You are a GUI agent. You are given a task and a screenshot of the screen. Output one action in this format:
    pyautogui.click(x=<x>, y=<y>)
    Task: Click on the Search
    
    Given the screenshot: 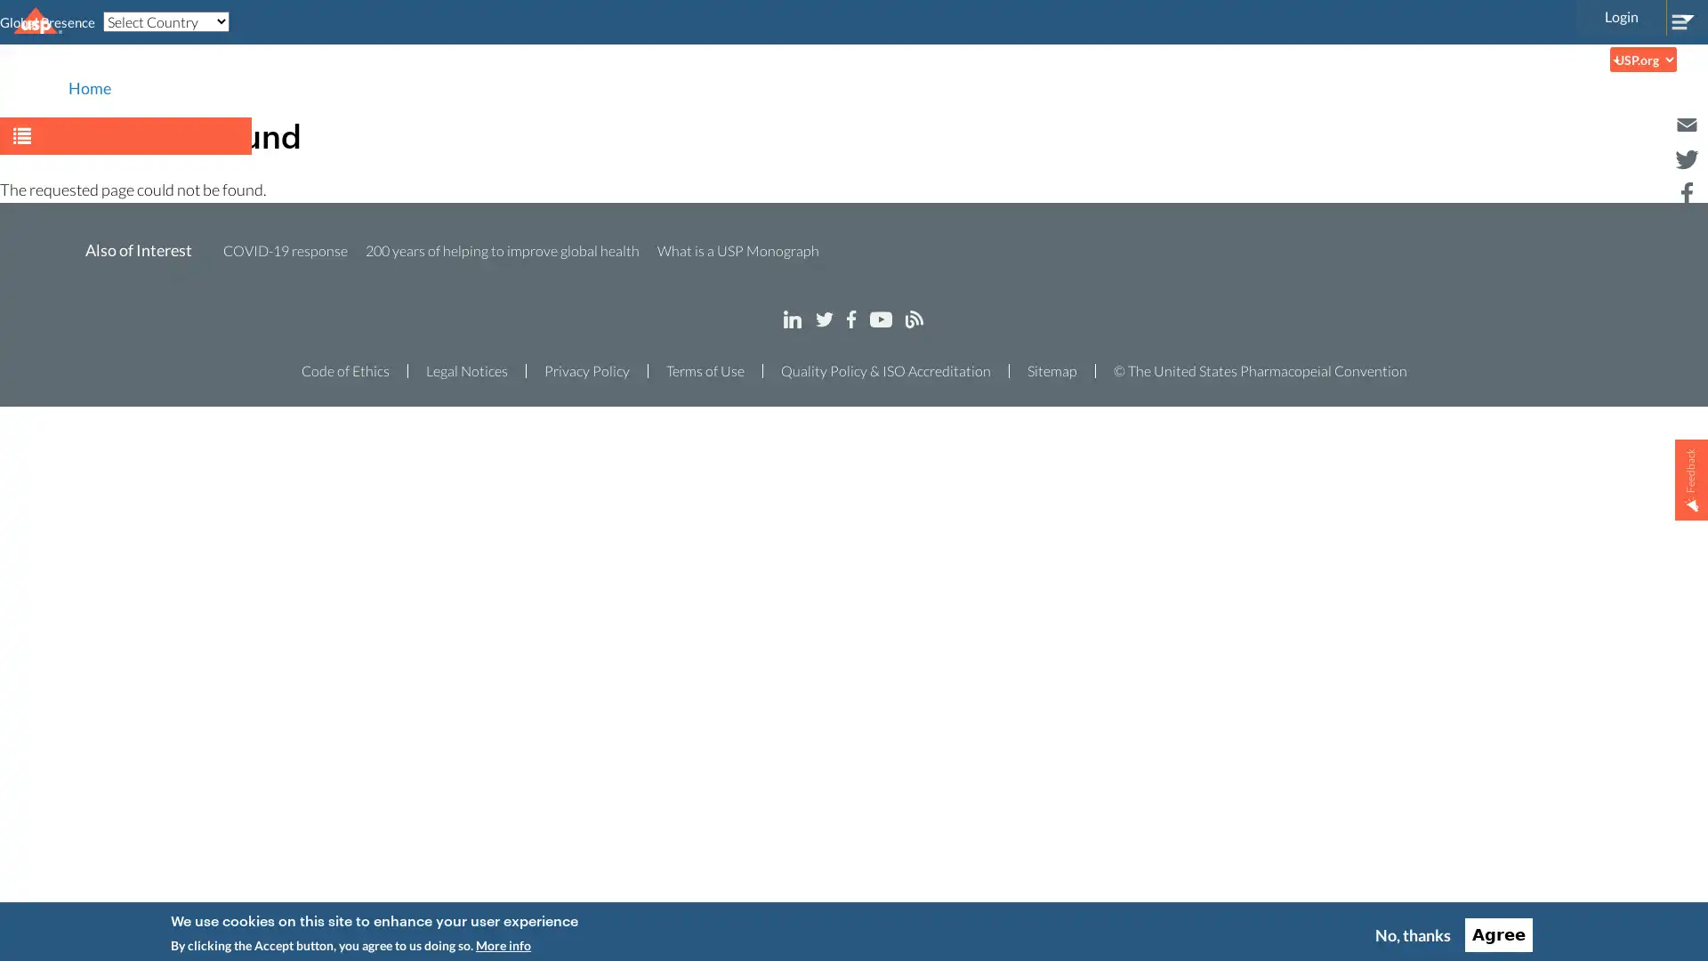 What is the action you would take?
    pyautogui.click(x=1585, y=85)
    